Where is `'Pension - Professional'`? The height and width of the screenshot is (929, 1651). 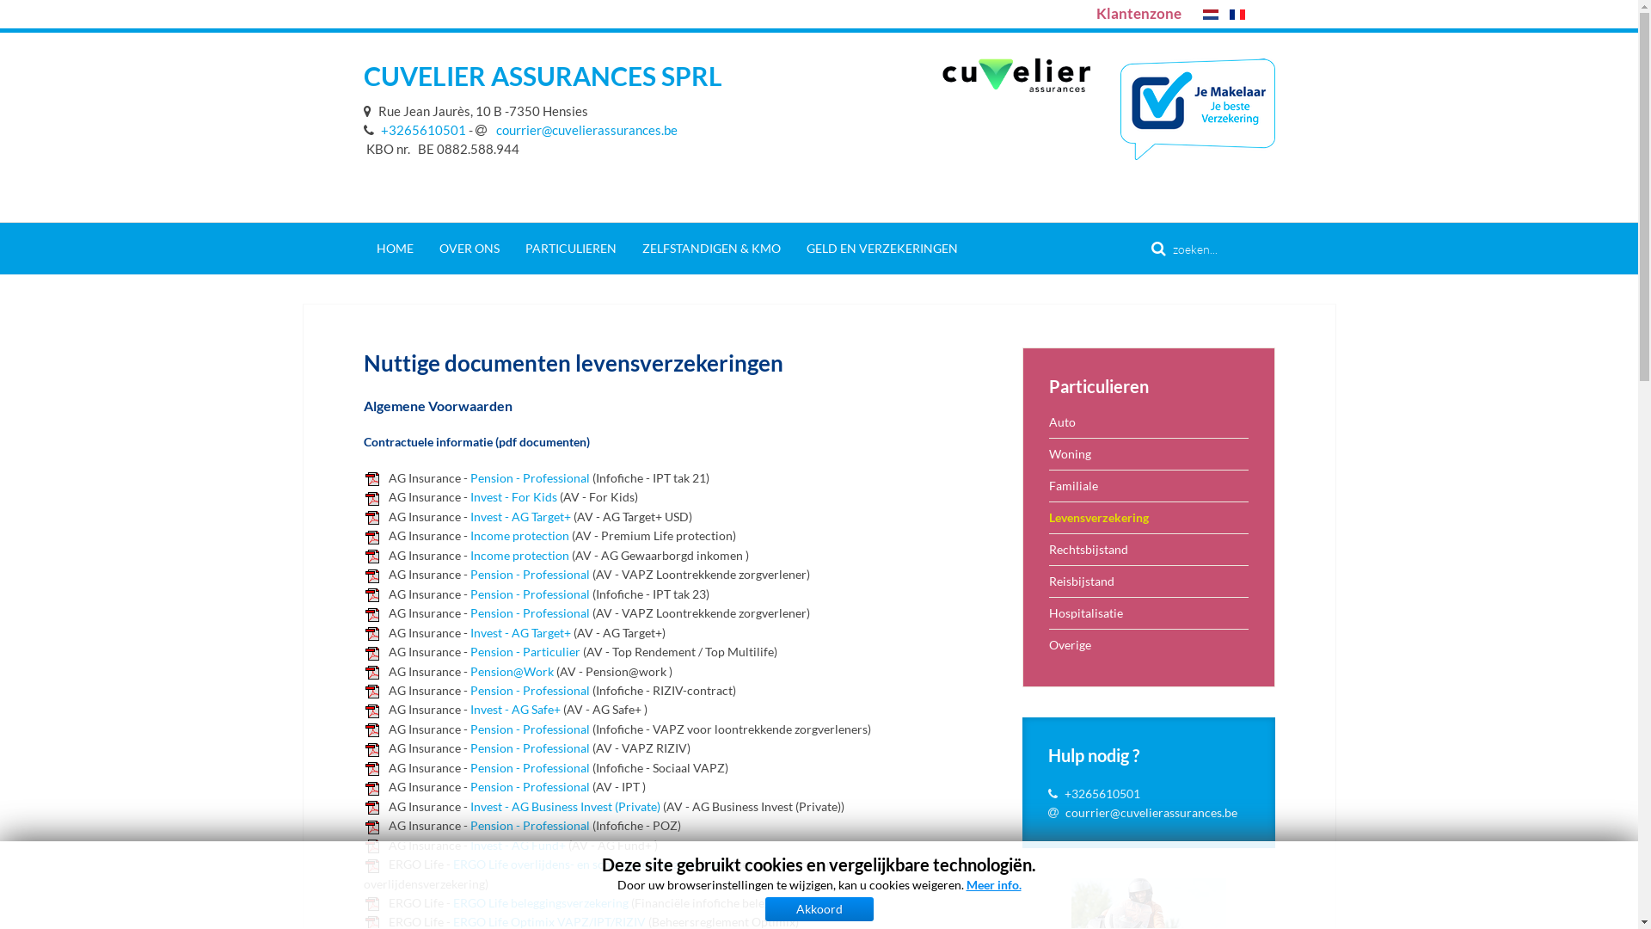 'Pension - Professional' is located at coordinates (528, 766).